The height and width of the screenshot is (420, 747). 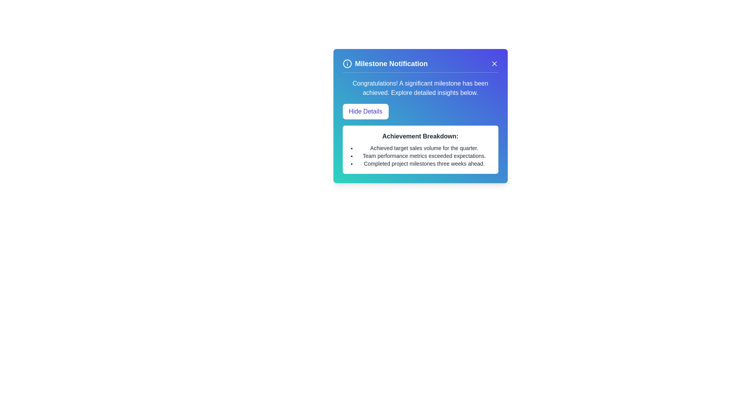 What do you see at coordinates (365, 111) in the screenshot?
I see `the 'Hide Details' button to toggle the visibility of the details section` at bounding box center [365, 111].